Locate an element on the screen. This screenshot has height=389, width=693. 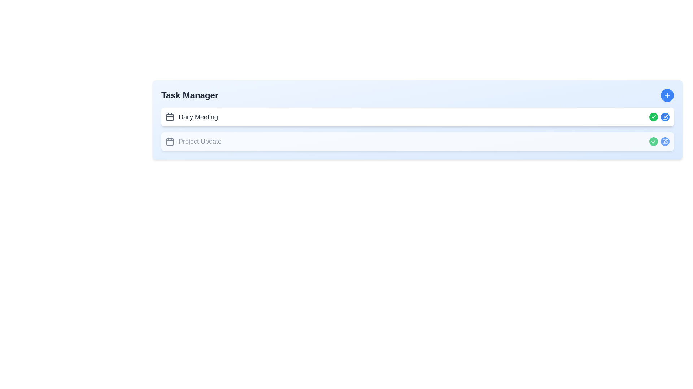
the circular blue button with a white plus symbol located to the far right of the 'Task Manager' section is located at coordinates (667, 95).